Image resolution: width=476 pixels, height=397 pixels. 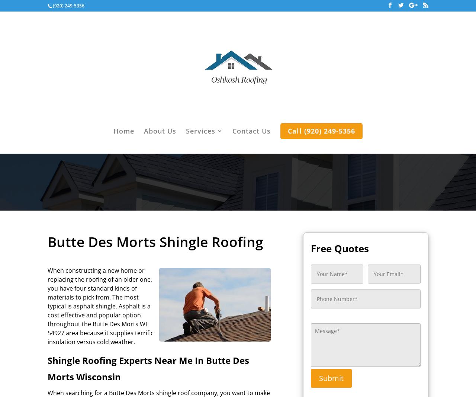 What do you see at coordinates (160, 131) in the screenshot?
I see `'About Us'` at bounding box center [160, 131].